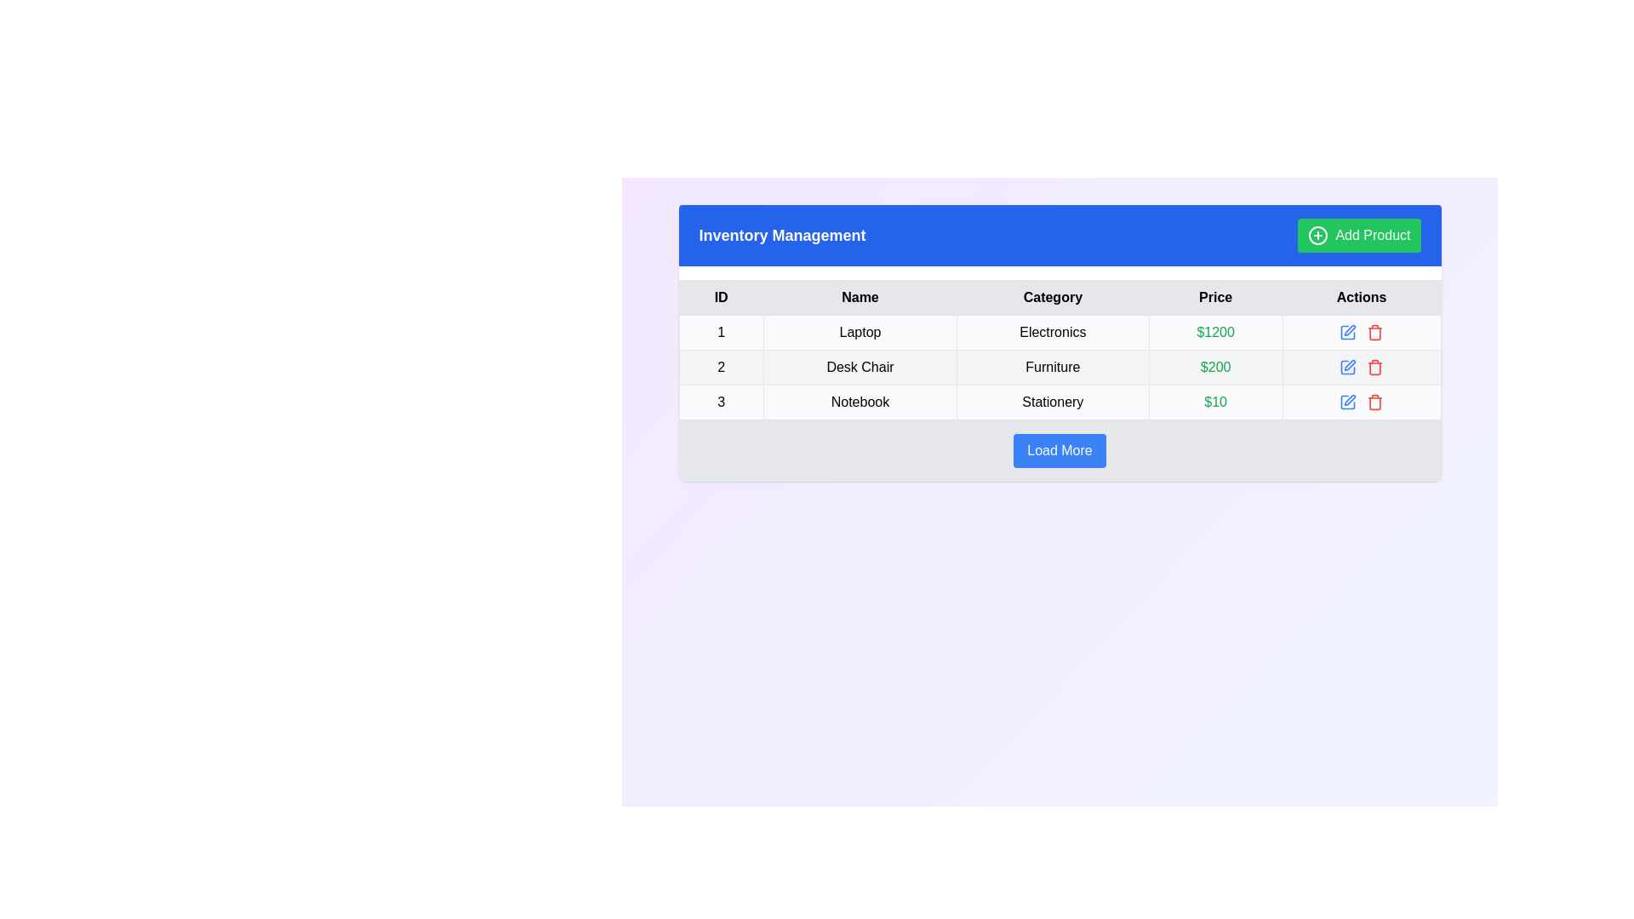 The width and height of the screenshot is (1634, 919). I want to click on the Text Content element in the third column of the first row under the 'Category' header, which is positioned between 'Laptop' and '$1200', so click(1052, 332).